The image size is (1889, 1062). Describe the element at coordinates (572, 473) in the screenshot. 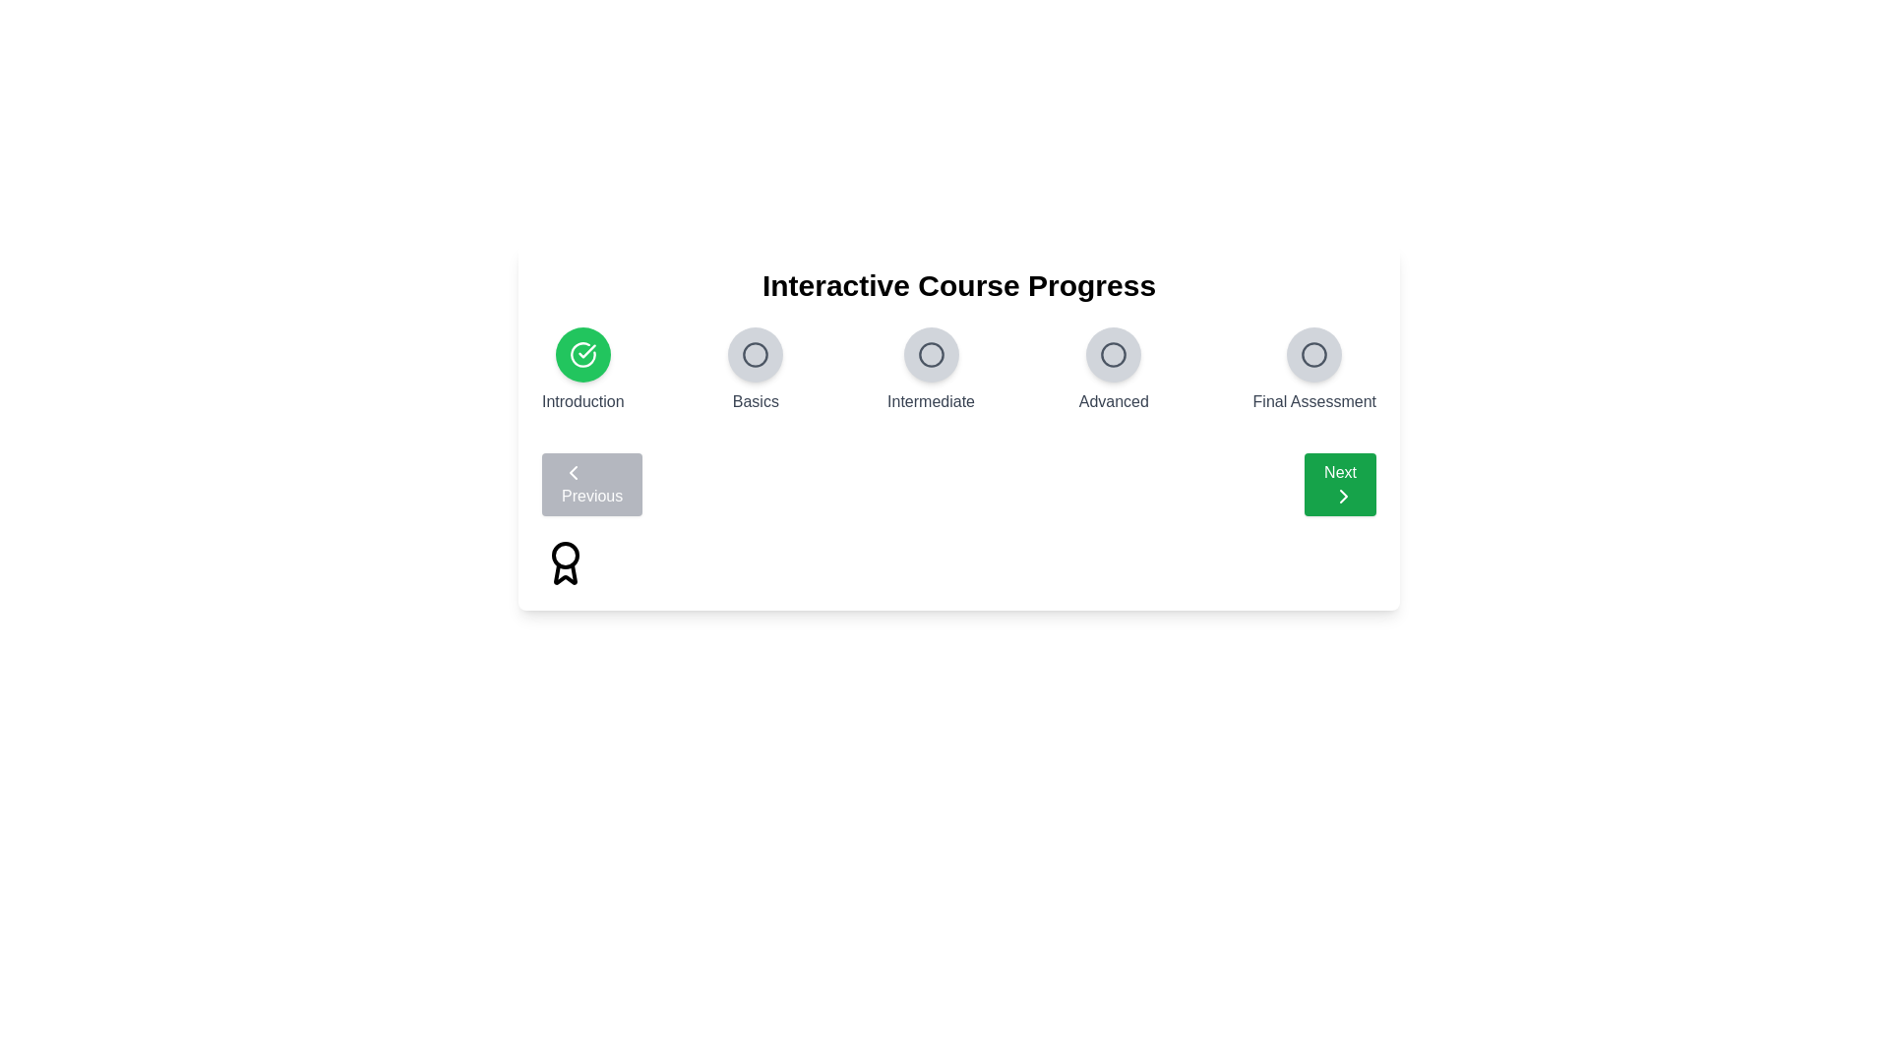

I see `the 'Previous' icon located on the bottom left area of the interface, preceding the text label 'Previous'` at that location.